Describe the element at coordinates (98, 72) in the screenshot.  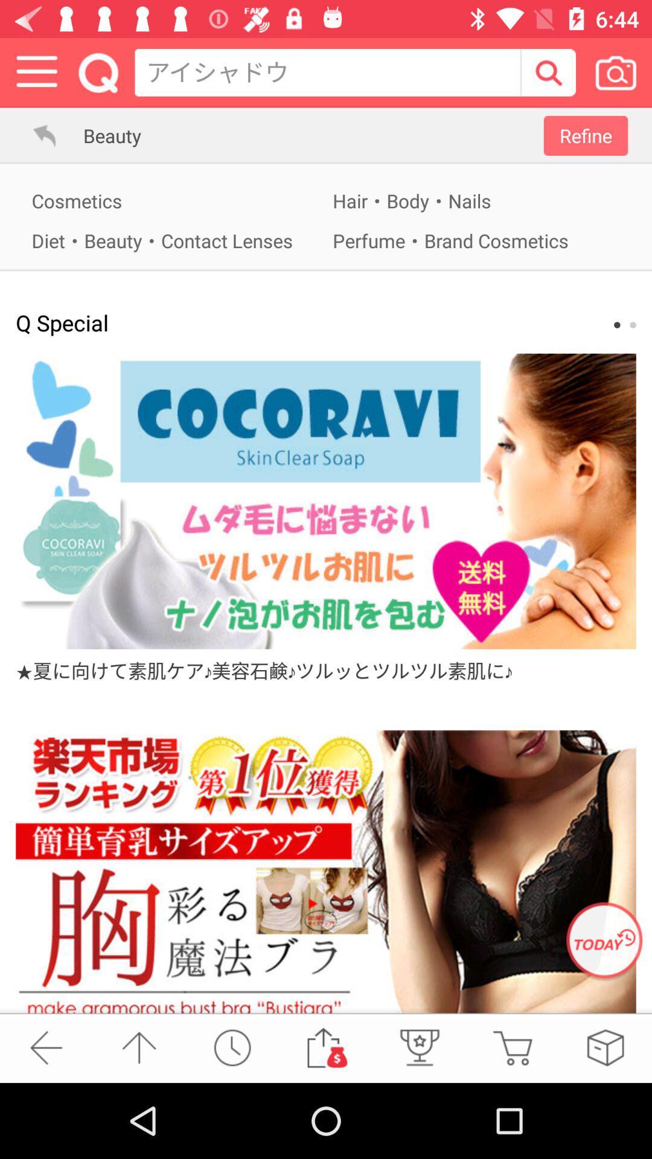
I see `logo beside menu bar` at that location.